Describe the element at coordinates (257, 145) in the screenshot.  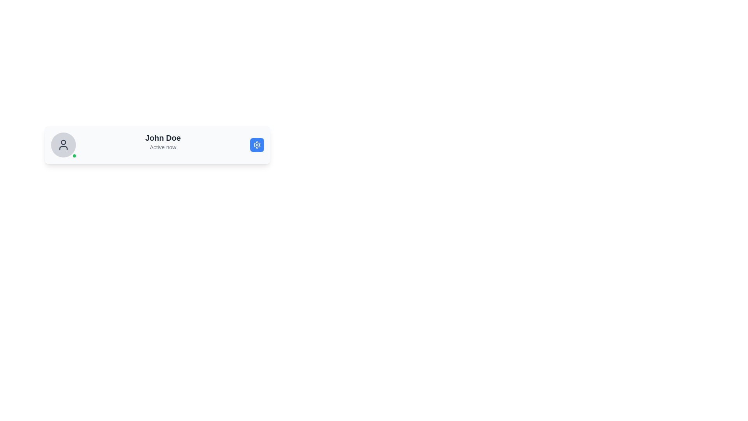
I see `the gear-like icon button representing settings, located in the top-right corner of the user profile card` at that location.